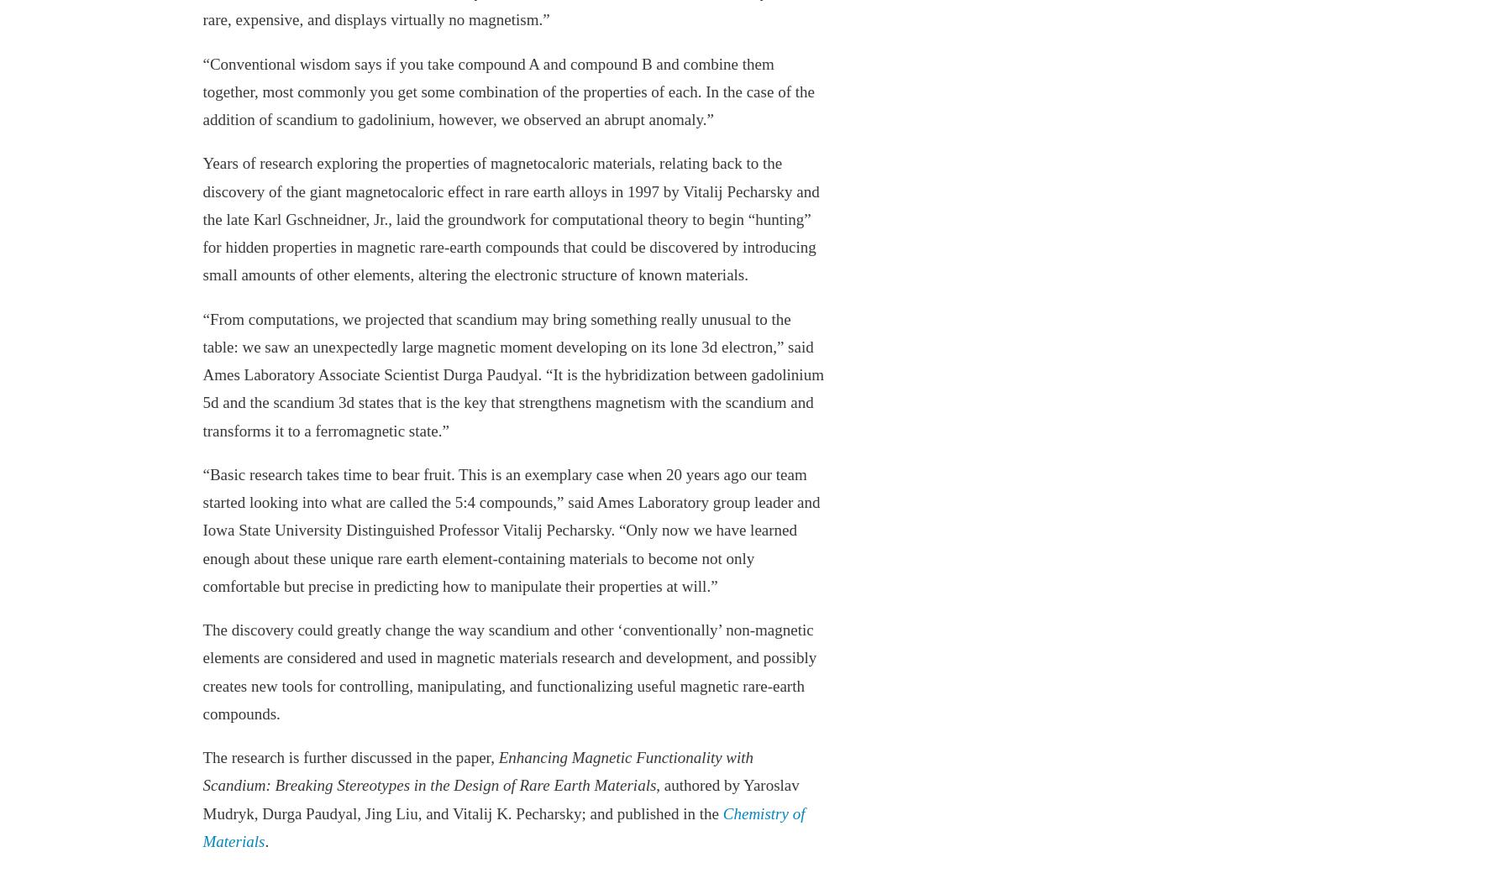  What do you see at coordinates (503, 826) in the screenshot?
I see `'Chemistry of Materials'` at bounding box center [503, 826].